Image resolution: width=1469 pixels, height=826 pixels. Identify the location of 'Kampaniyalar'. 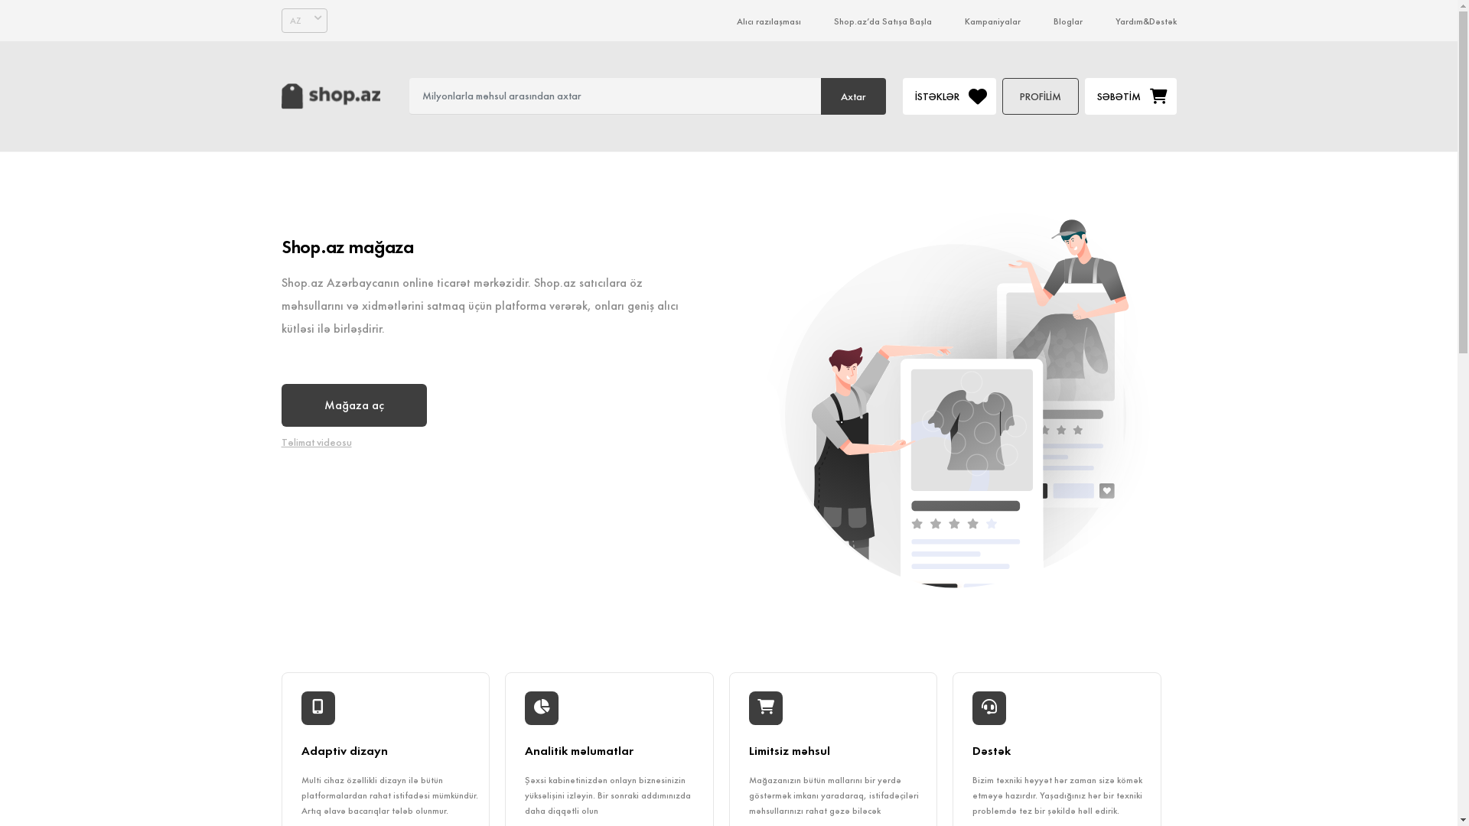
(992, 21).